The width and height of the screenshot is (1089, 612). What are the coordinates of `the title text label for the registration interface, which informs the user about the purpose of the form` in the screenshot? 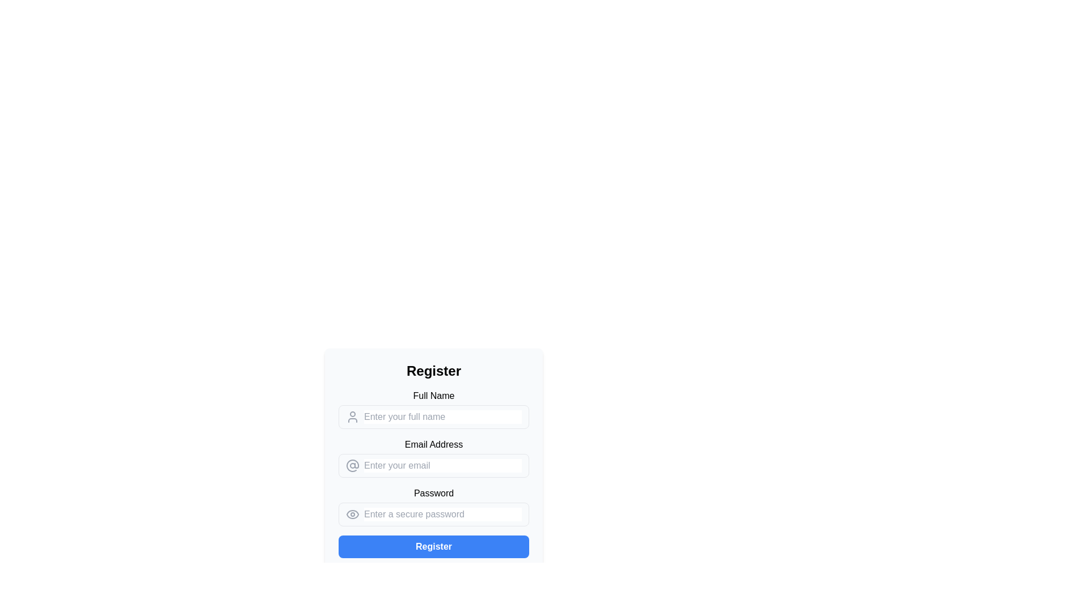 It's located at (433, 371).